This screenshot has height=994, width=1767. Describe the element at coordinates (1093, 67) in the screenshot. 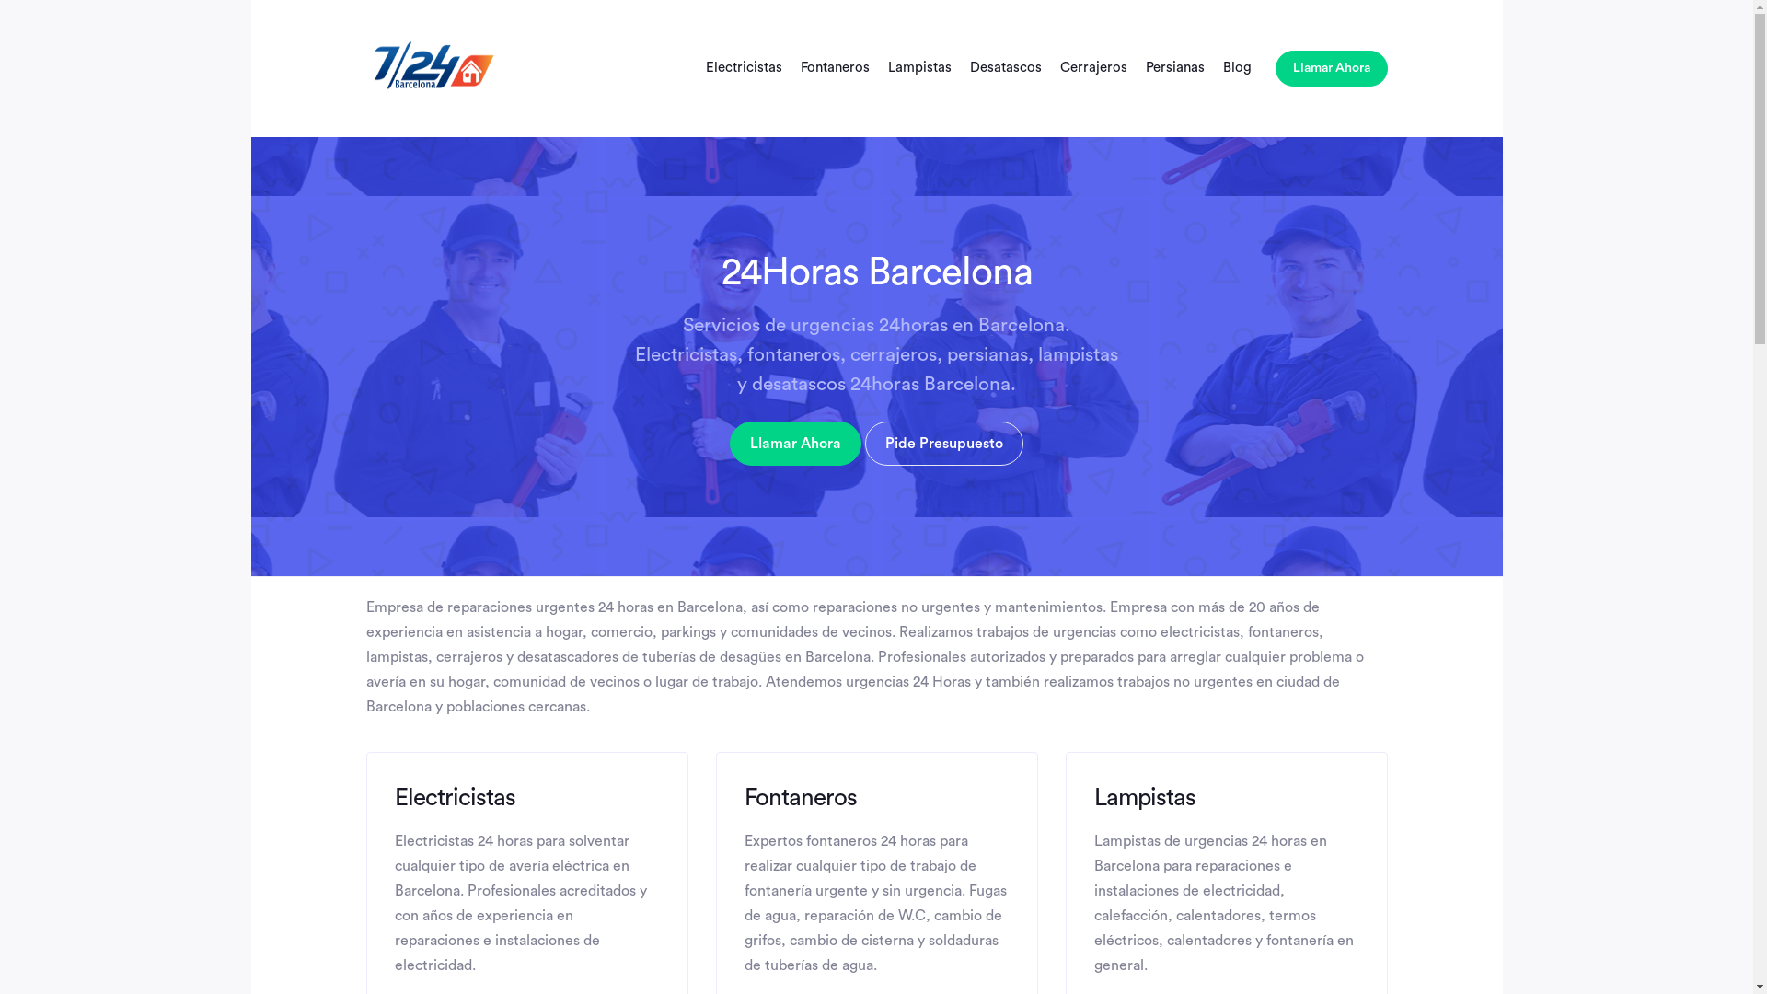

I see `'Cerrajeros'` at that location.